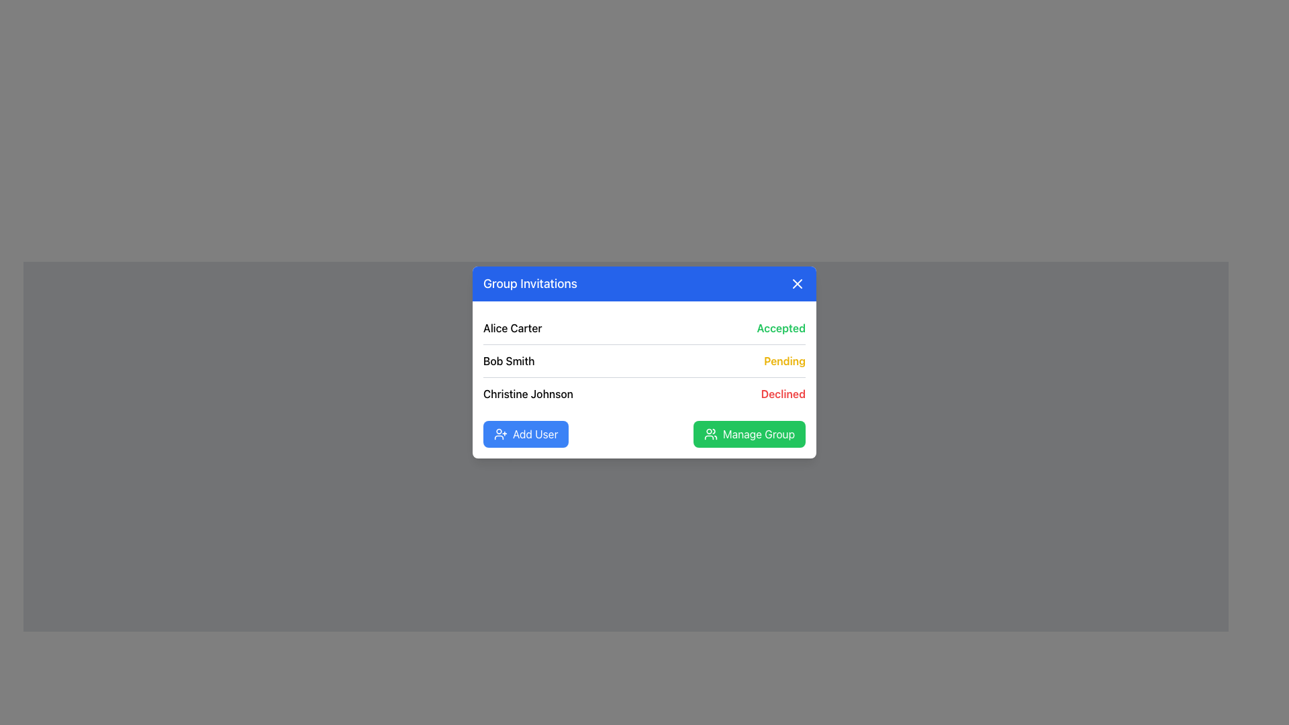  What do you see at coordinates (781, 328) in the screenshot?
I see `the text label indicating that the invitation status for 'Alice Carter' is accepted, located in the rightmost position of the row within the 'Group Invitations' modal` at bounding box center [781, 328].